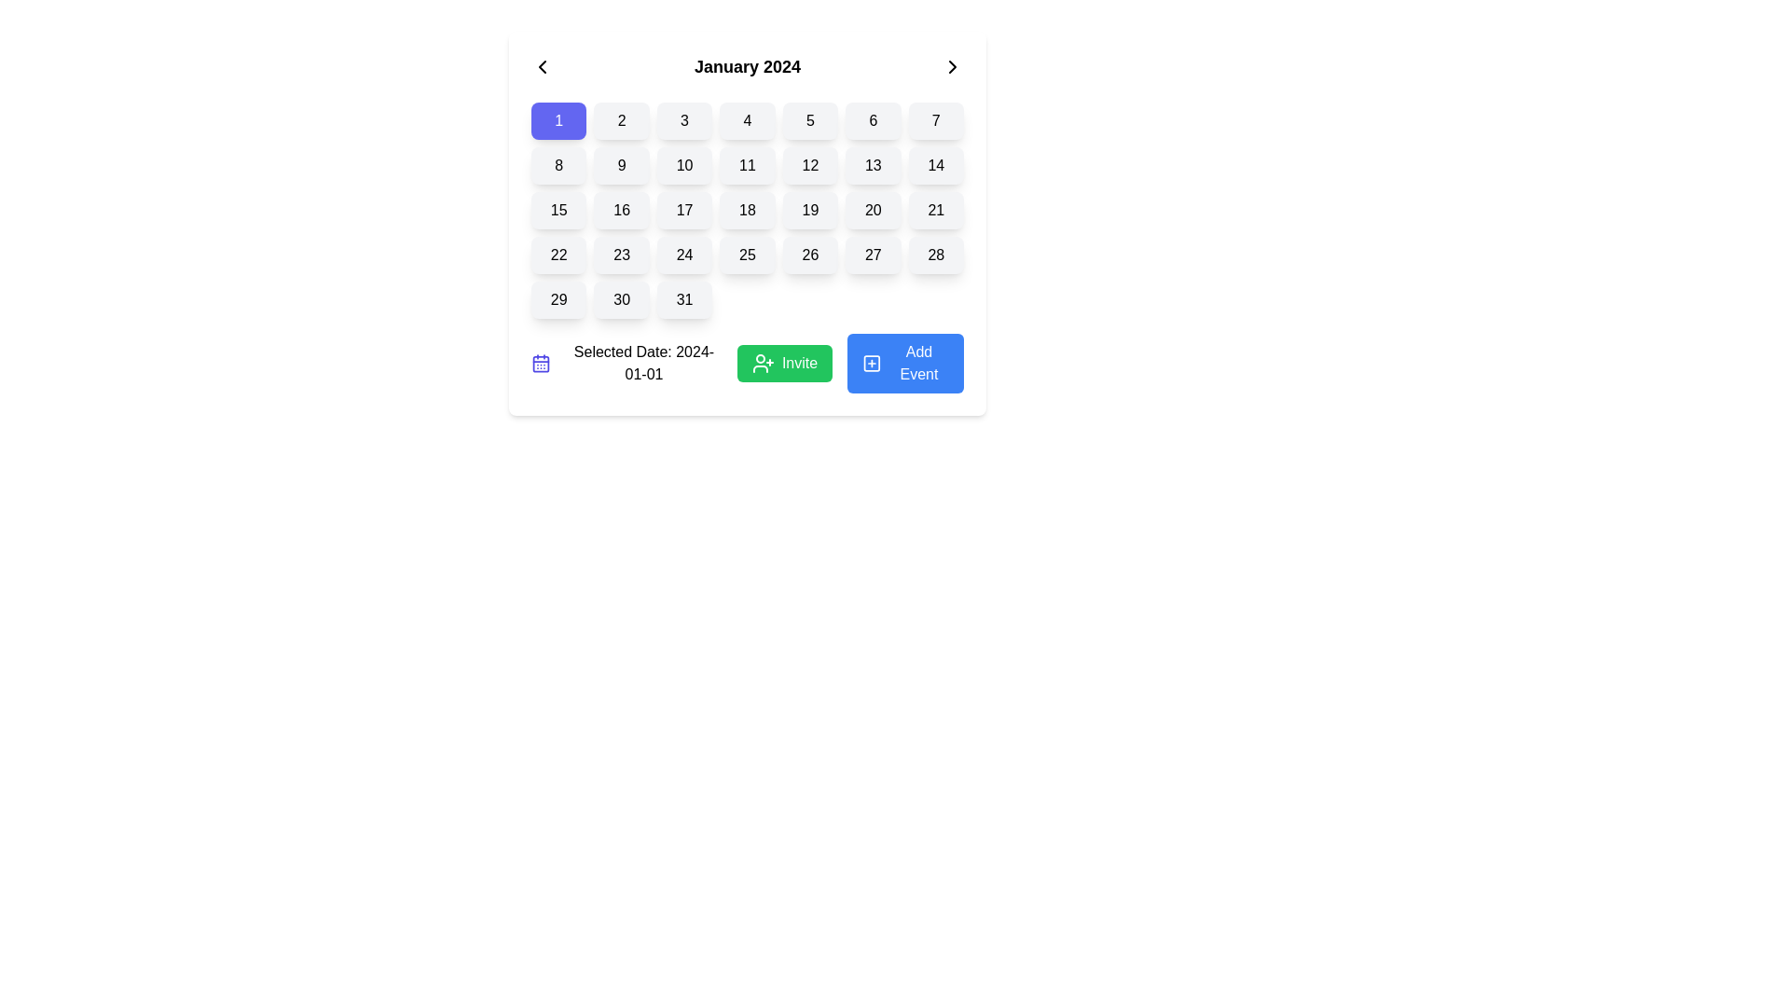 Image resolution: width=1790 pixels, height=1007 pixels. Describe the element at coordinates (747, 121) in the screenshot. I see `on the calendar date cell displaying the number '4', which is a rounded rectangular cell with a light gray background and bold black font` at that location.